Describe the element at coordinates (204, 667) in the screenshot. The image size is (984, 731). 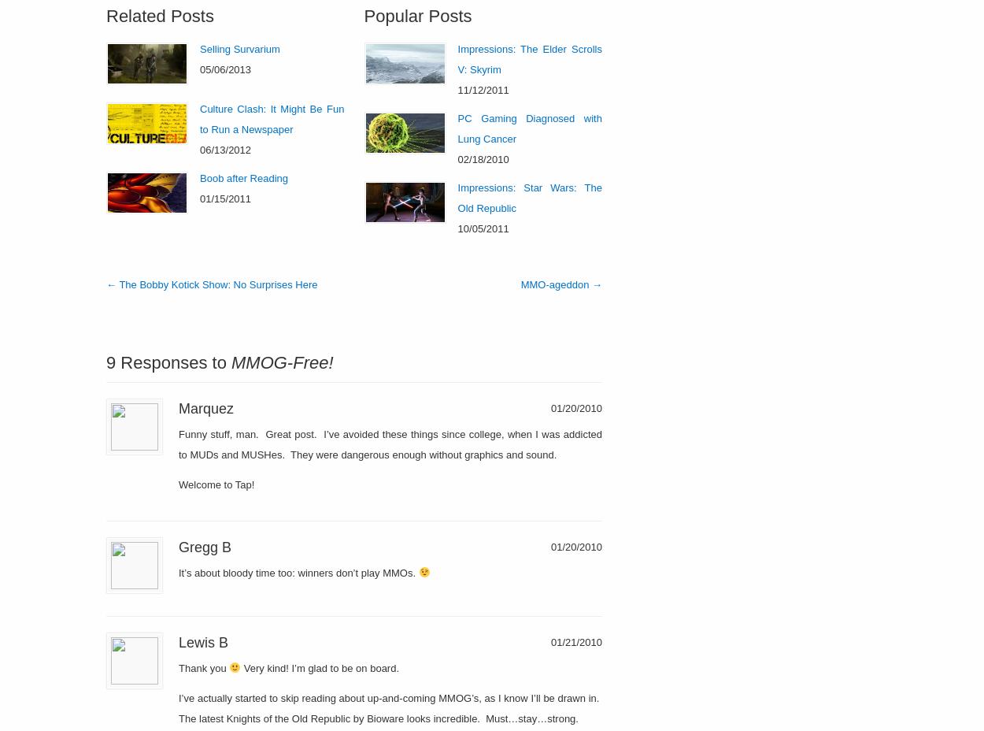
I see `'Thank you'` at that location.